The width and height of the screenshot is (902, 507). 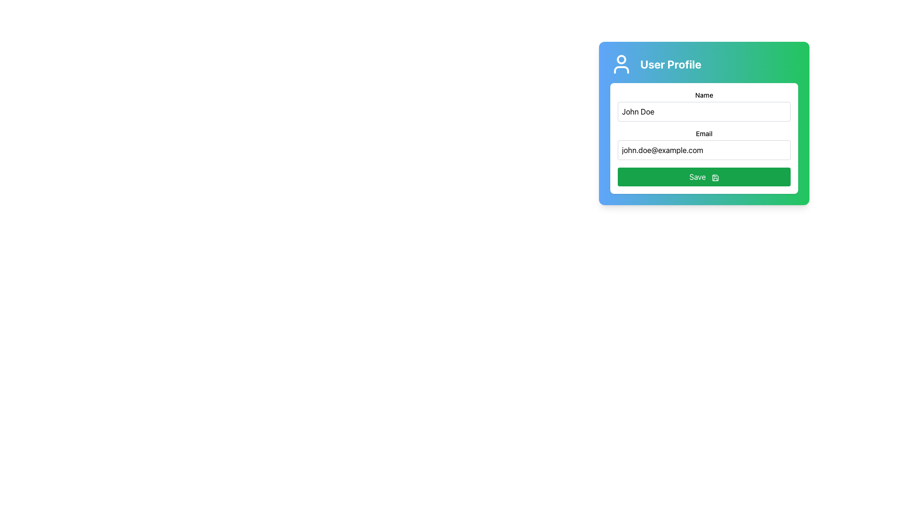 What do you see at coordinates (704, 95) in the screenshot?
I see `the Text Label that indicates the input field for entering a name, located in the user profile form layout` at bounding box center [704, 95].